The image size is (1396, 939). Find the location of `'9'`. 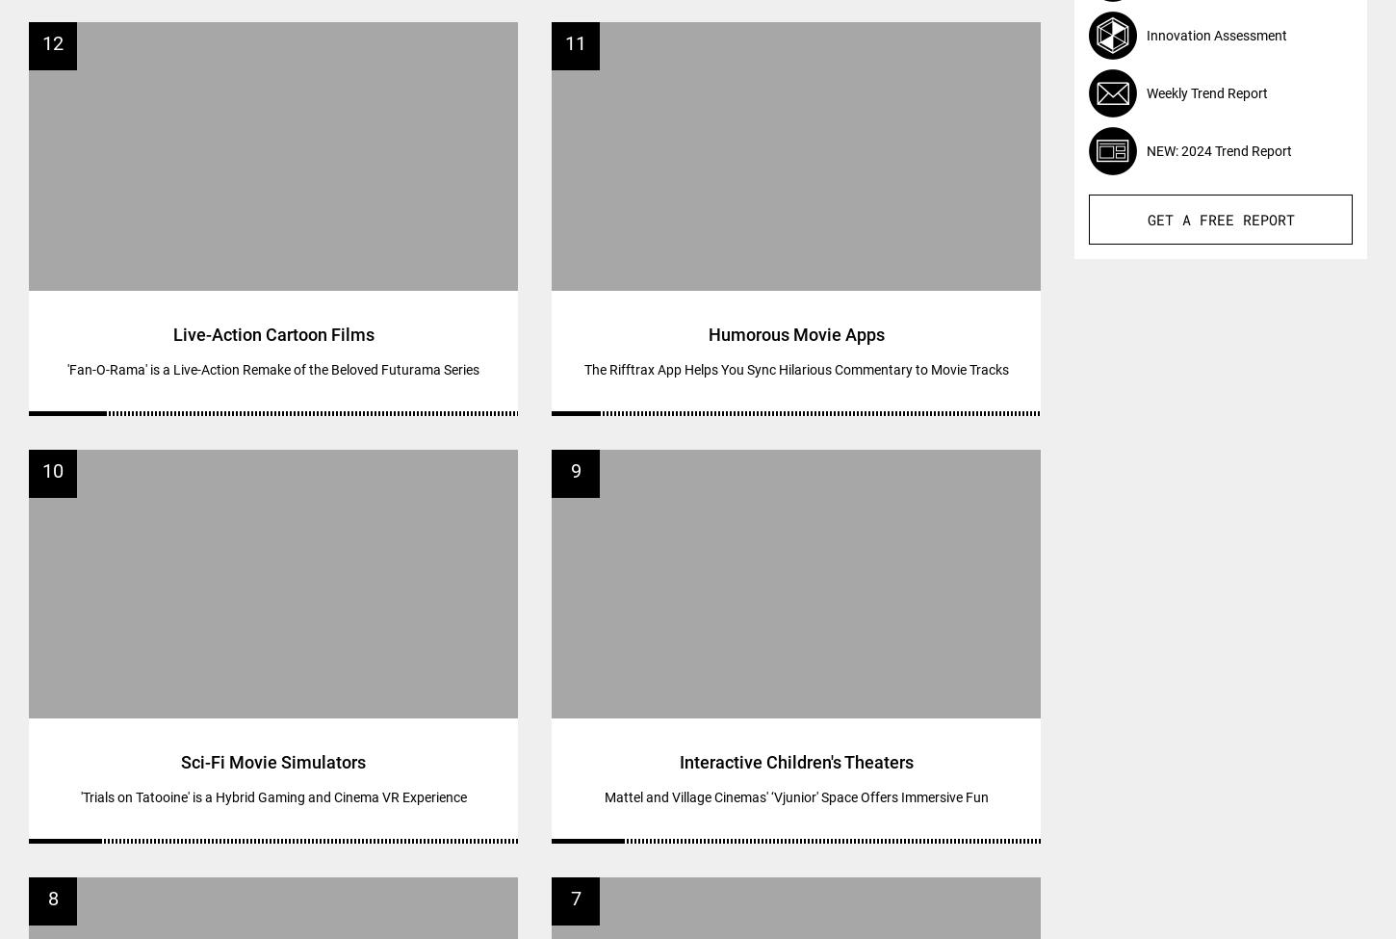

'9' is located at coordinates (570, 469).